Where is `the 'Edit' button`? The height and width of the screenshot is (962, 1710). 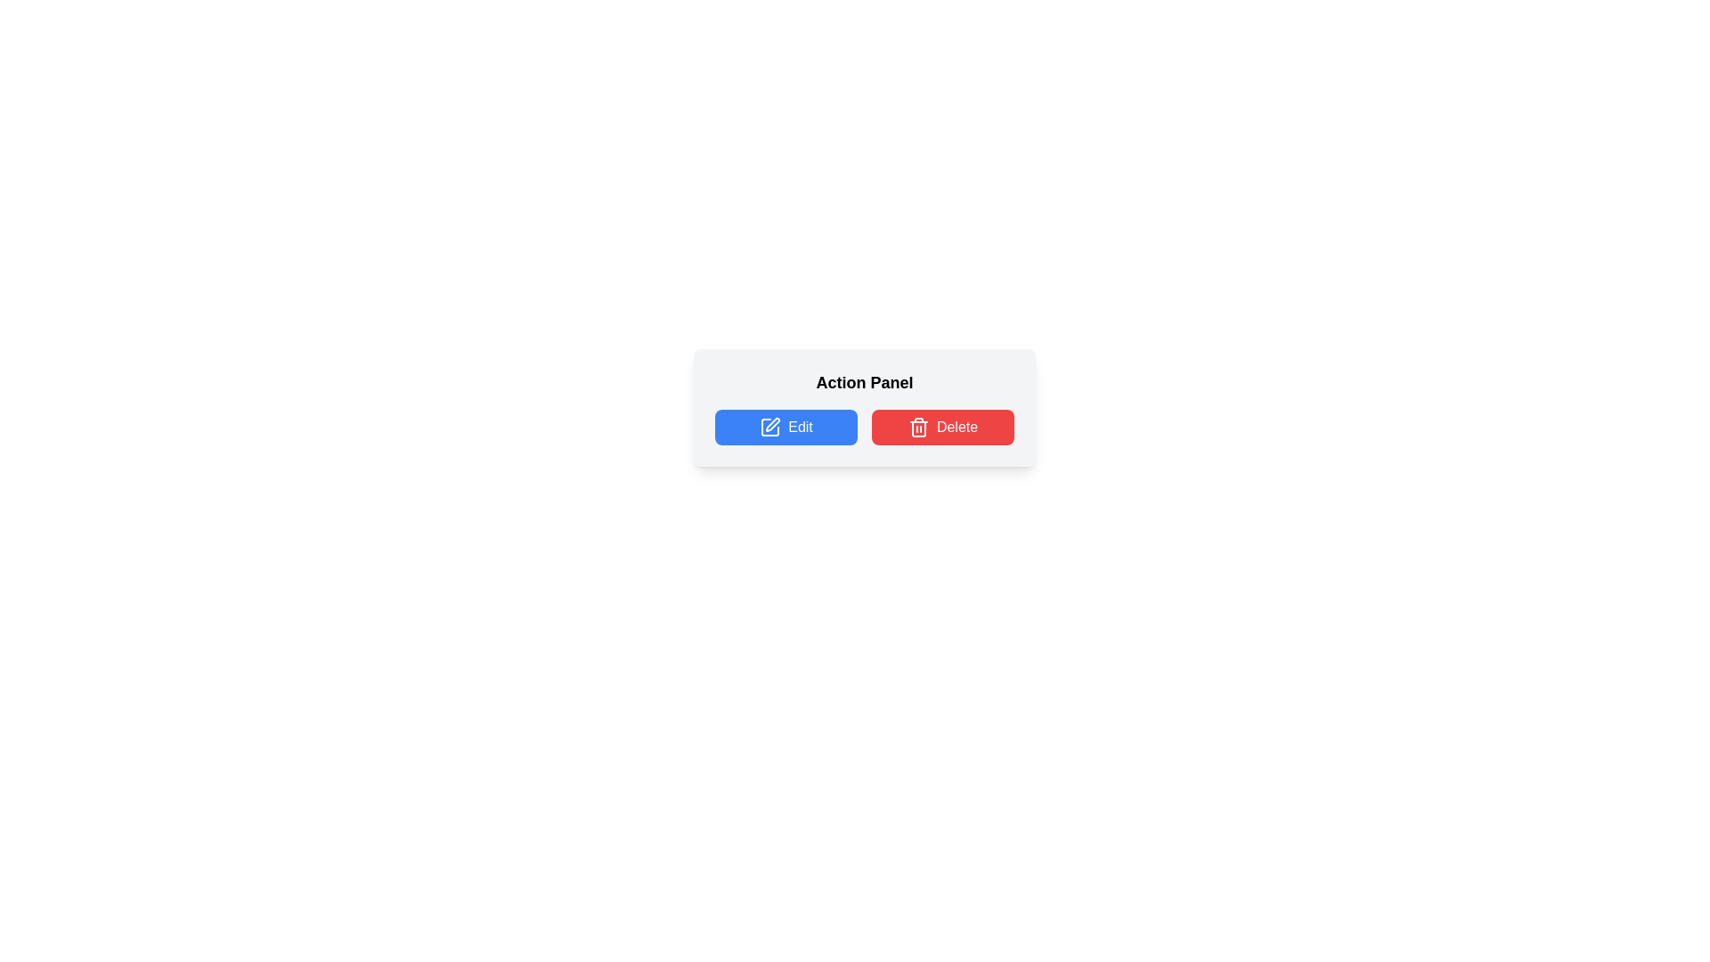
the 'Edit' button is located at coordinates (786, 427).